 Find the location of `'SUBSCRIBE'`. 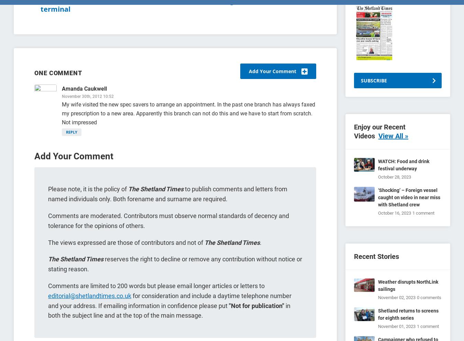

'SUBSCRIBE' is located at coordinates (374, 80).